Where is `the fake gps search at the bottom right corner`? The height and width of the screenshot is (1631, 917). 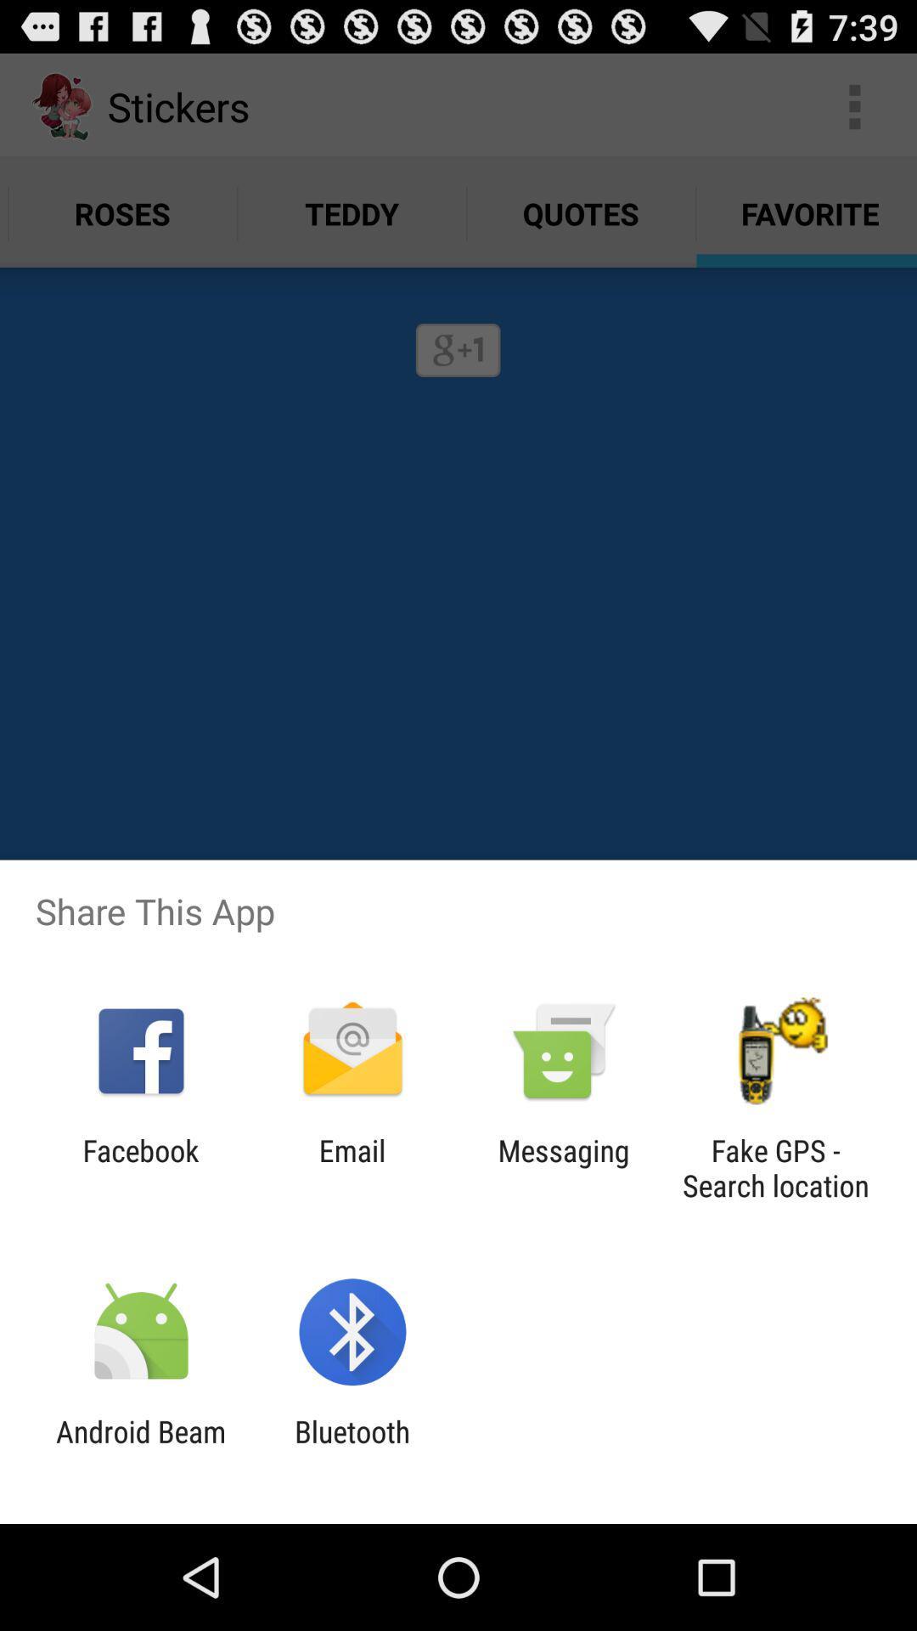 the fake gps search at the bottom right corner is located at coordinates (775, 1167).